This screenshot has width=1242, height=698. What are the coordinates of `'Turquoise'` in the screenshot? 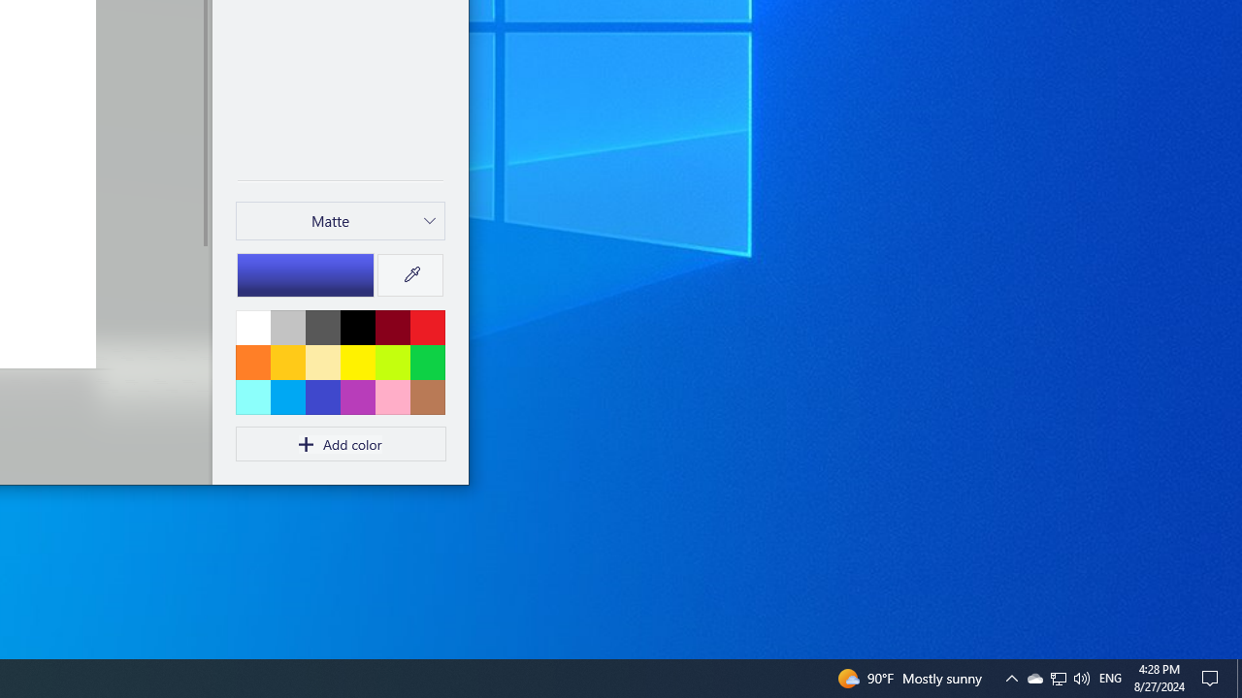 It's located at (286, 396).